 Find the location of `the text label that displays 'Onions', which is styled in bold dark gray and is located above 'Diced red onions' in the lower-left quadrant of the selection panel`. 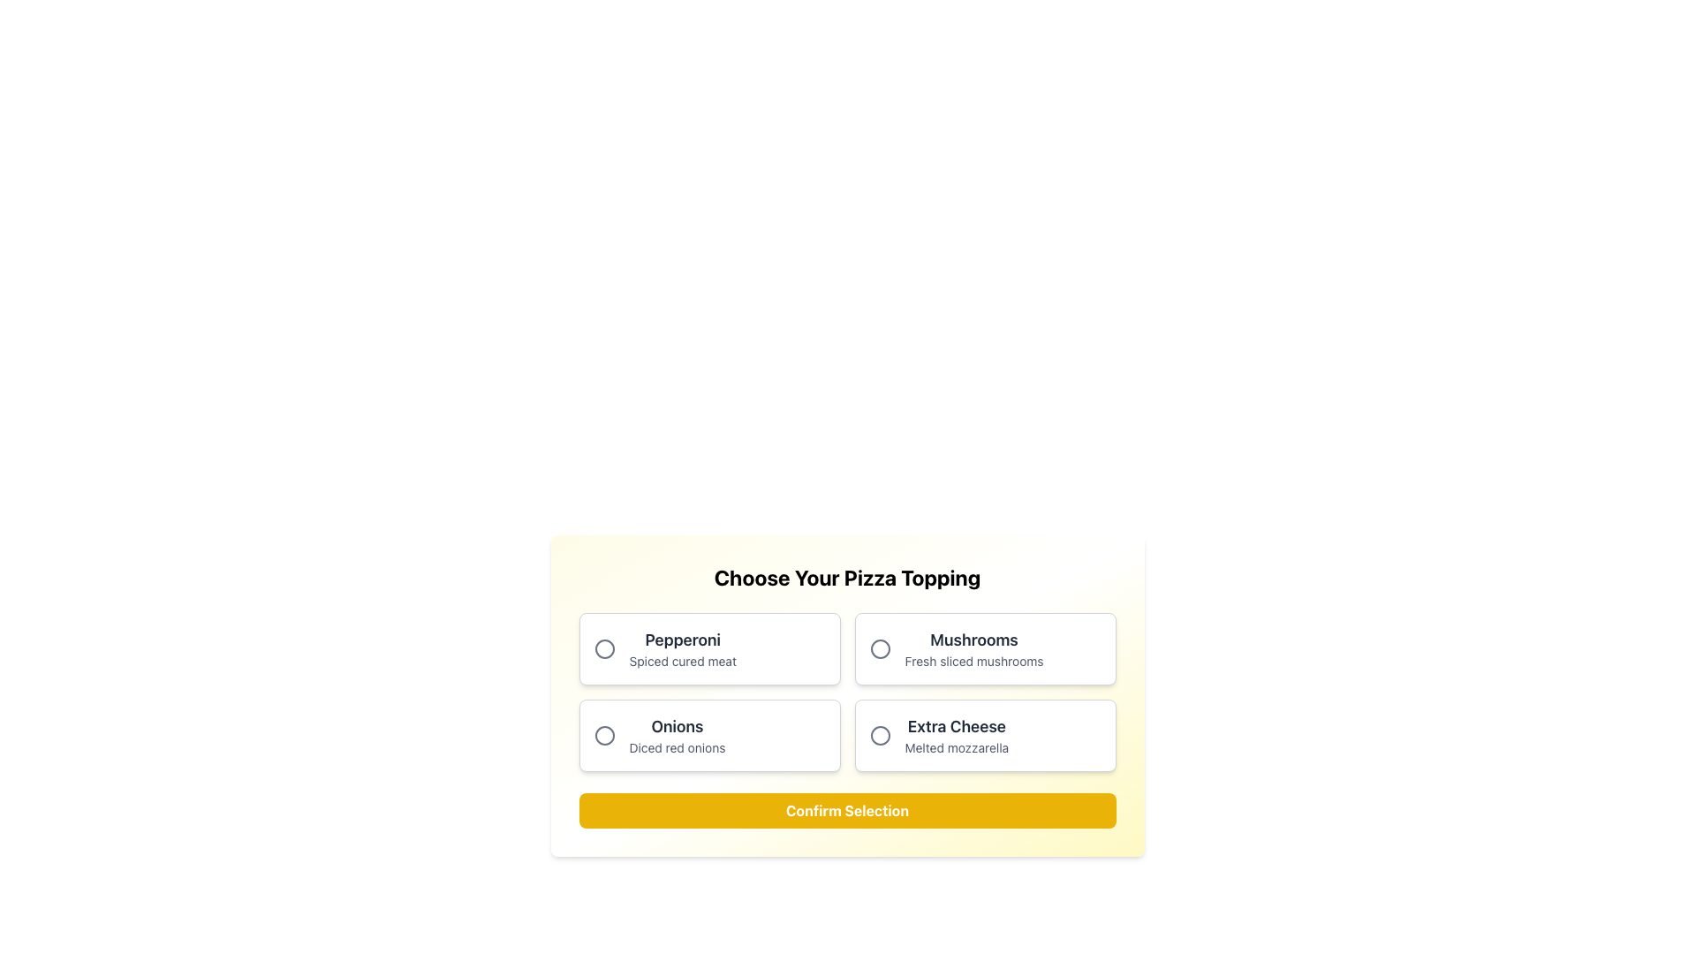

the text label that displays 'Onions', which is styled in bold dark gray and is located above 'Diced red onions' in the lower-left quadrant of the selection panel is located at coordinates (677, 726).